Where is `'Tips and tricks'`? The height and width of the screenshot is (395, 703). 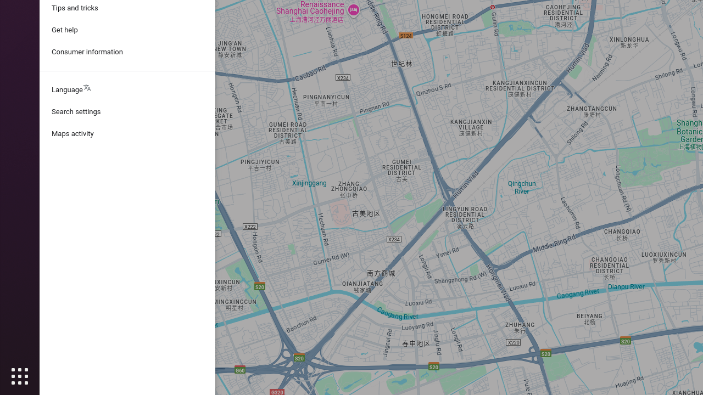 'Tips and tricks' is located at coordinates (127, 8).